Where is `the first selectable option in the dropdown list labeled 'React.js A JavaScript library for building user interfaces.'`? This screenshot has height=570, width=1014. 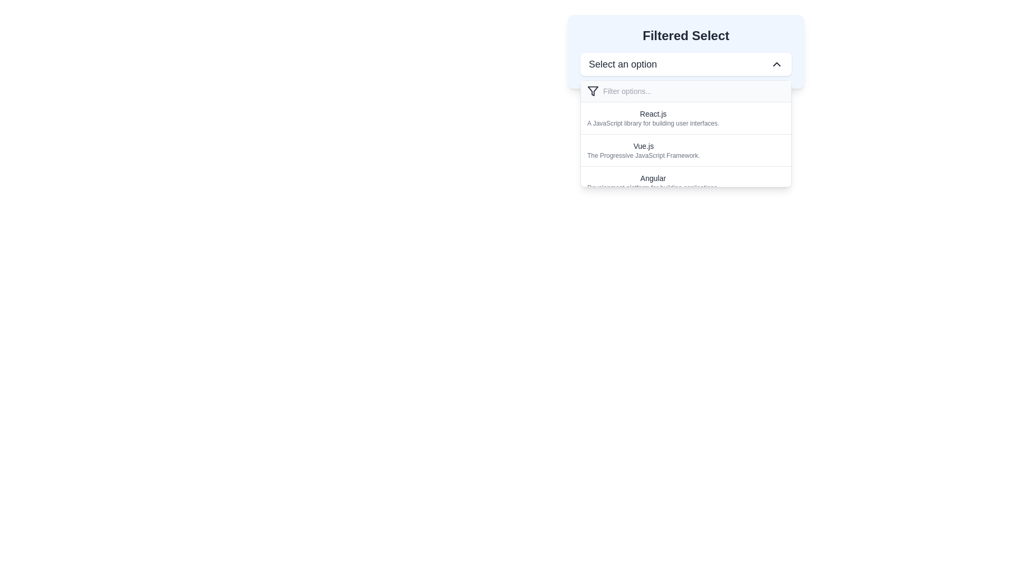
the first selectable option in the dropdown list labeled 'React.js A JavaScript library for building user interfaces.' is located at coordinates (686, 133).